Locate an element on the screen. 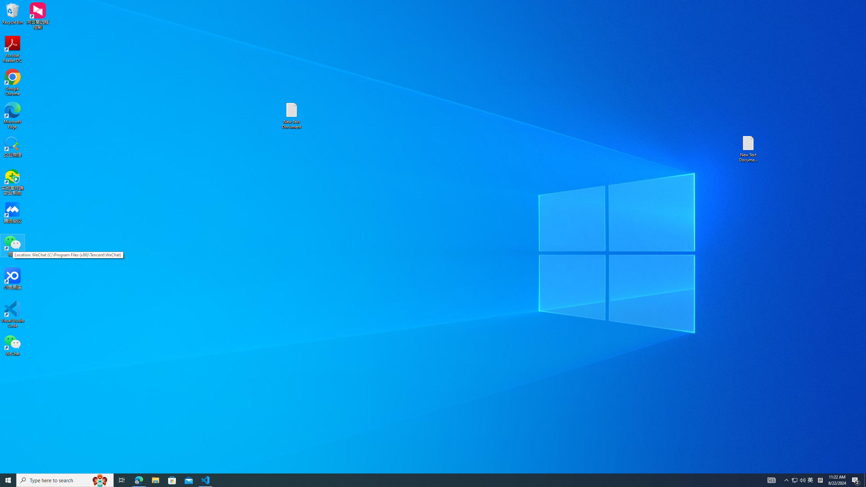  'WeChat' is located at coordinates (12, 345).